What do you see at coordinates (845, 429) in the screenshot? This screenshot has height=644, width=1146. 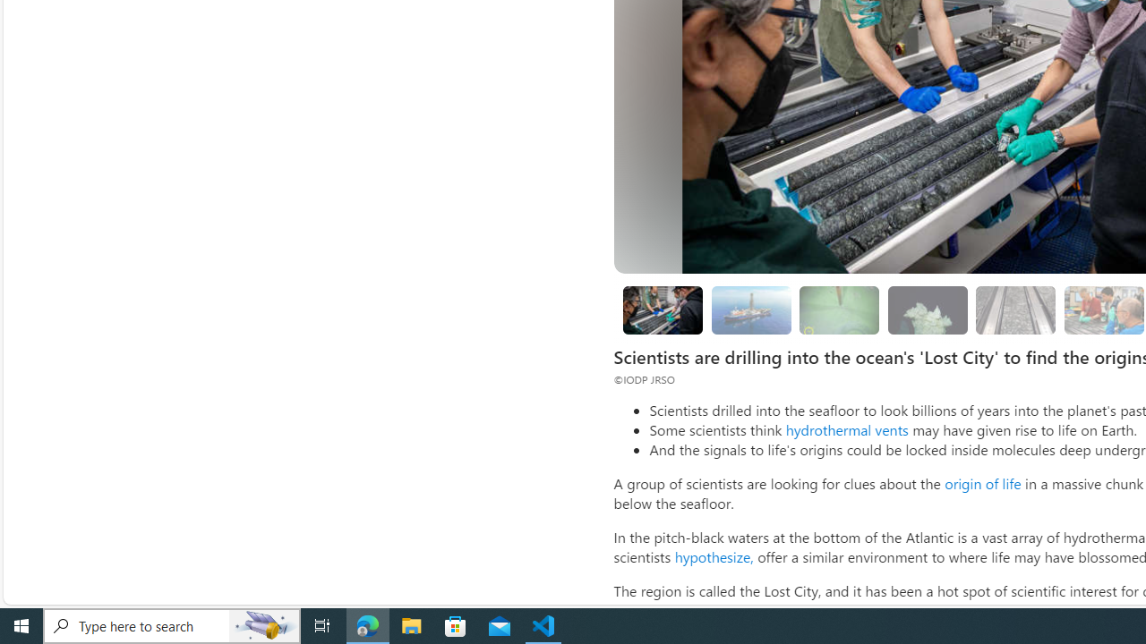 I see `'hydrothermal vents'` at bounding box center [845, 429].